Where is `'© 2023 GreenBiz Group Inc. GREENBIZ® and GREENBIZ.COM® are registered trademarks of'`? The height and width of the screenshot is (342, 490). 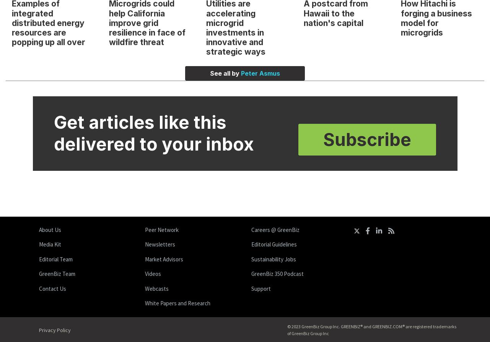
'© 2023 GreenBiz Group Inc. GREENBIZ® and GREENBIZ.COM® are registered trademarks of' is located at coordinates (371, 329).